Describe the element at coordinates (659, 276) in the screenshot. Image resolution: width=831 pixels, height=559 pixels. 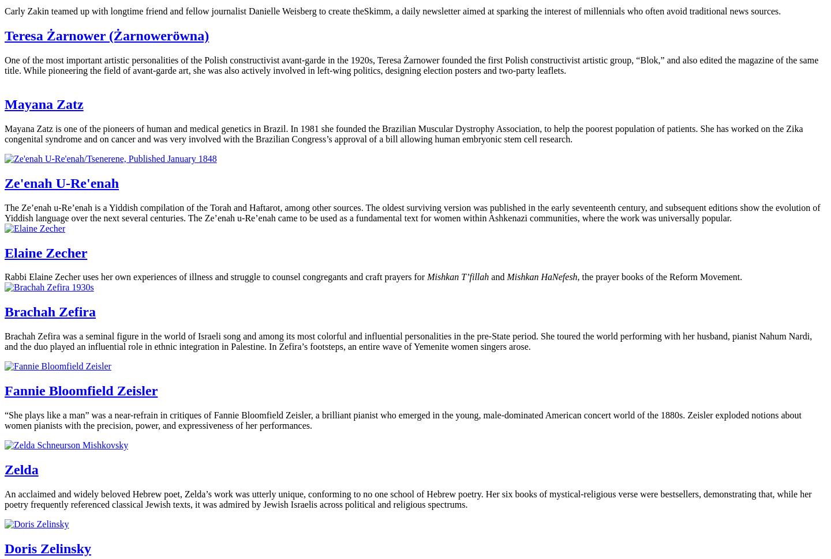
I see `', the prayer books of the Reform Movement.'` at that location.